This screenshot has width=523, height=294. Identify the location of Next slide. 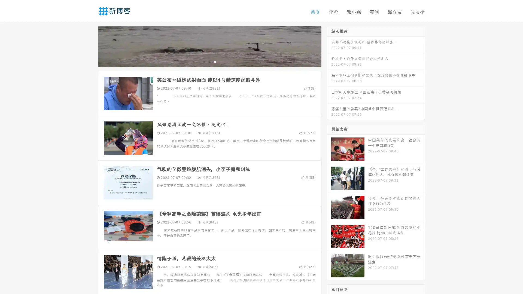
(329, 46).